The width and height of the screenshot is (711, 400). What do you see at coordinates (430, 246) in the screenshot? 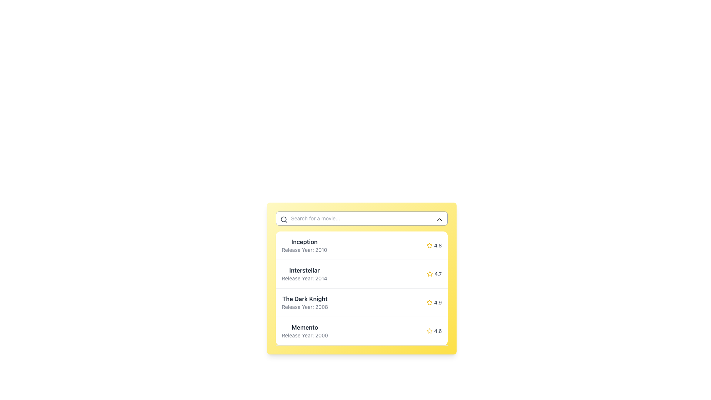
I see `the movie rating icon for 'Inception' which visually indicates a score of '4.8' and is located near the text 'Inception'` at bounding box center [430, 246].